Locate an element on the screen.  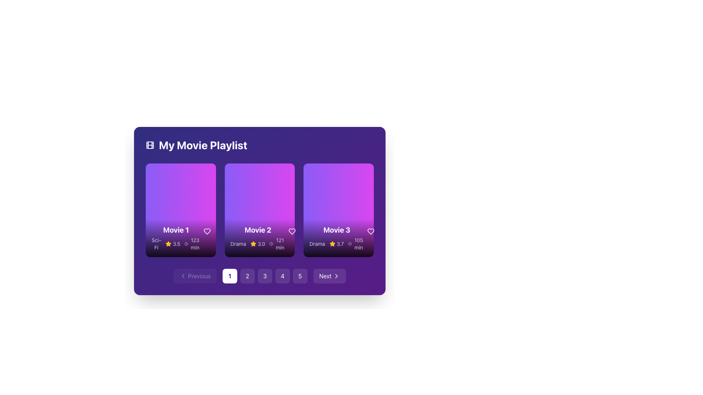
to select the central movie overview card displayed in the 'My Movie Playlist' section is located at coordinates (258, 238).